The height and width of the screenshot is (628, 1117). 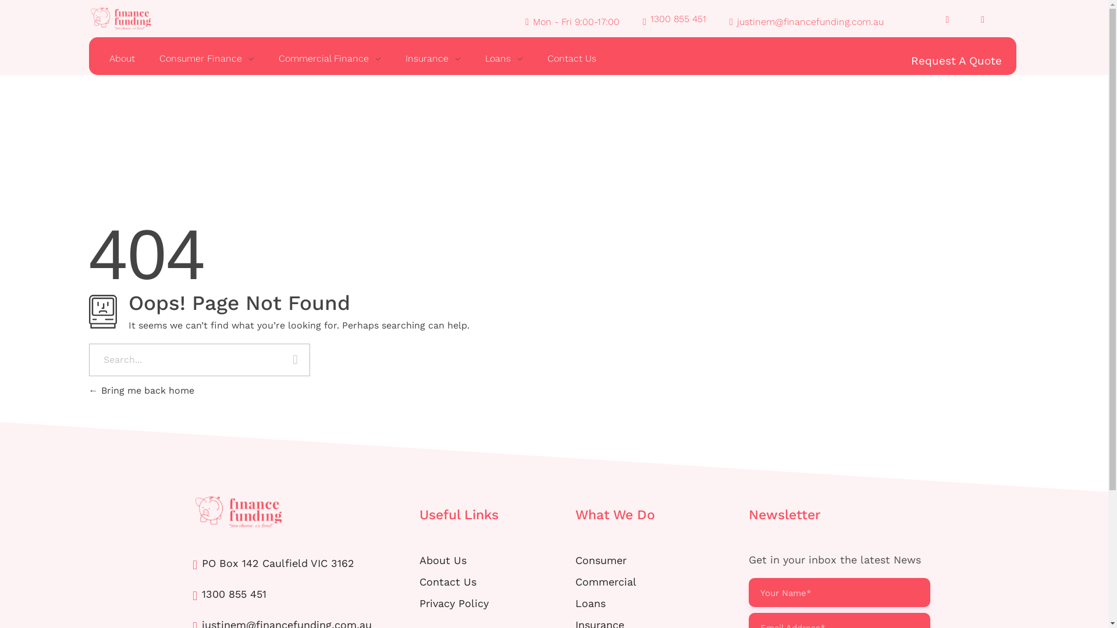 I want to click on 'About', so click(x=128, y=58).